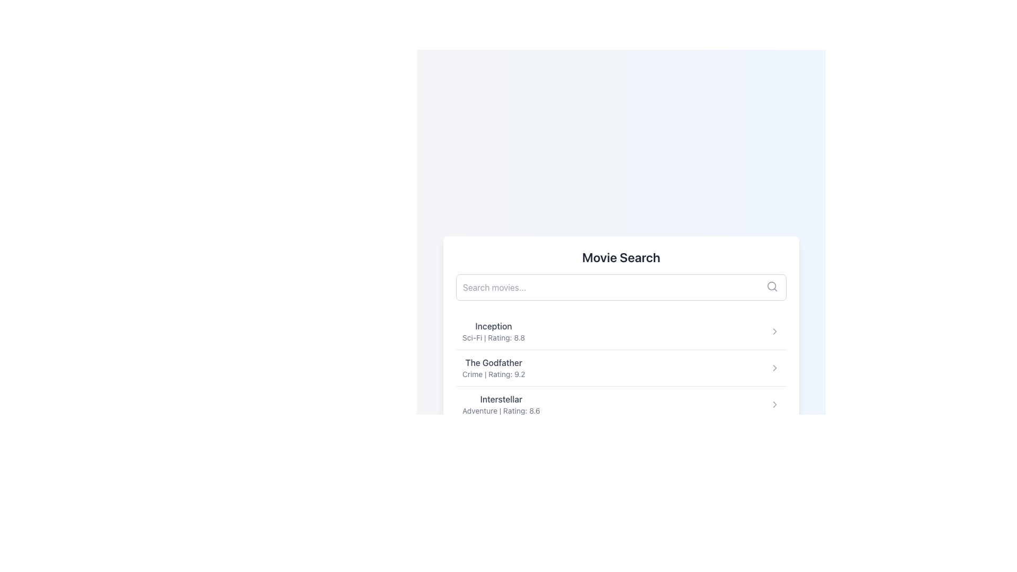 This screenshot has height=572, width=1017. What do you see at coordinates (621, 404) in the screenshot?
I see `the third item in the movie list` at bounding box center [621, 404].